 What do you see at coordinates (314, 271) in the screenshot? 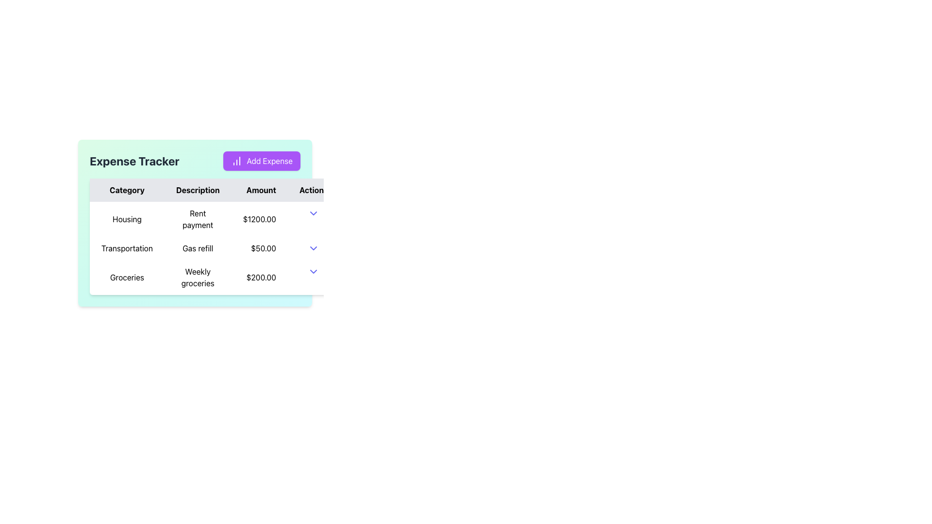
I see `the Dropdown toggle icon located in the 'Action' column of the last row in the table` at bounding box center [314, 271].